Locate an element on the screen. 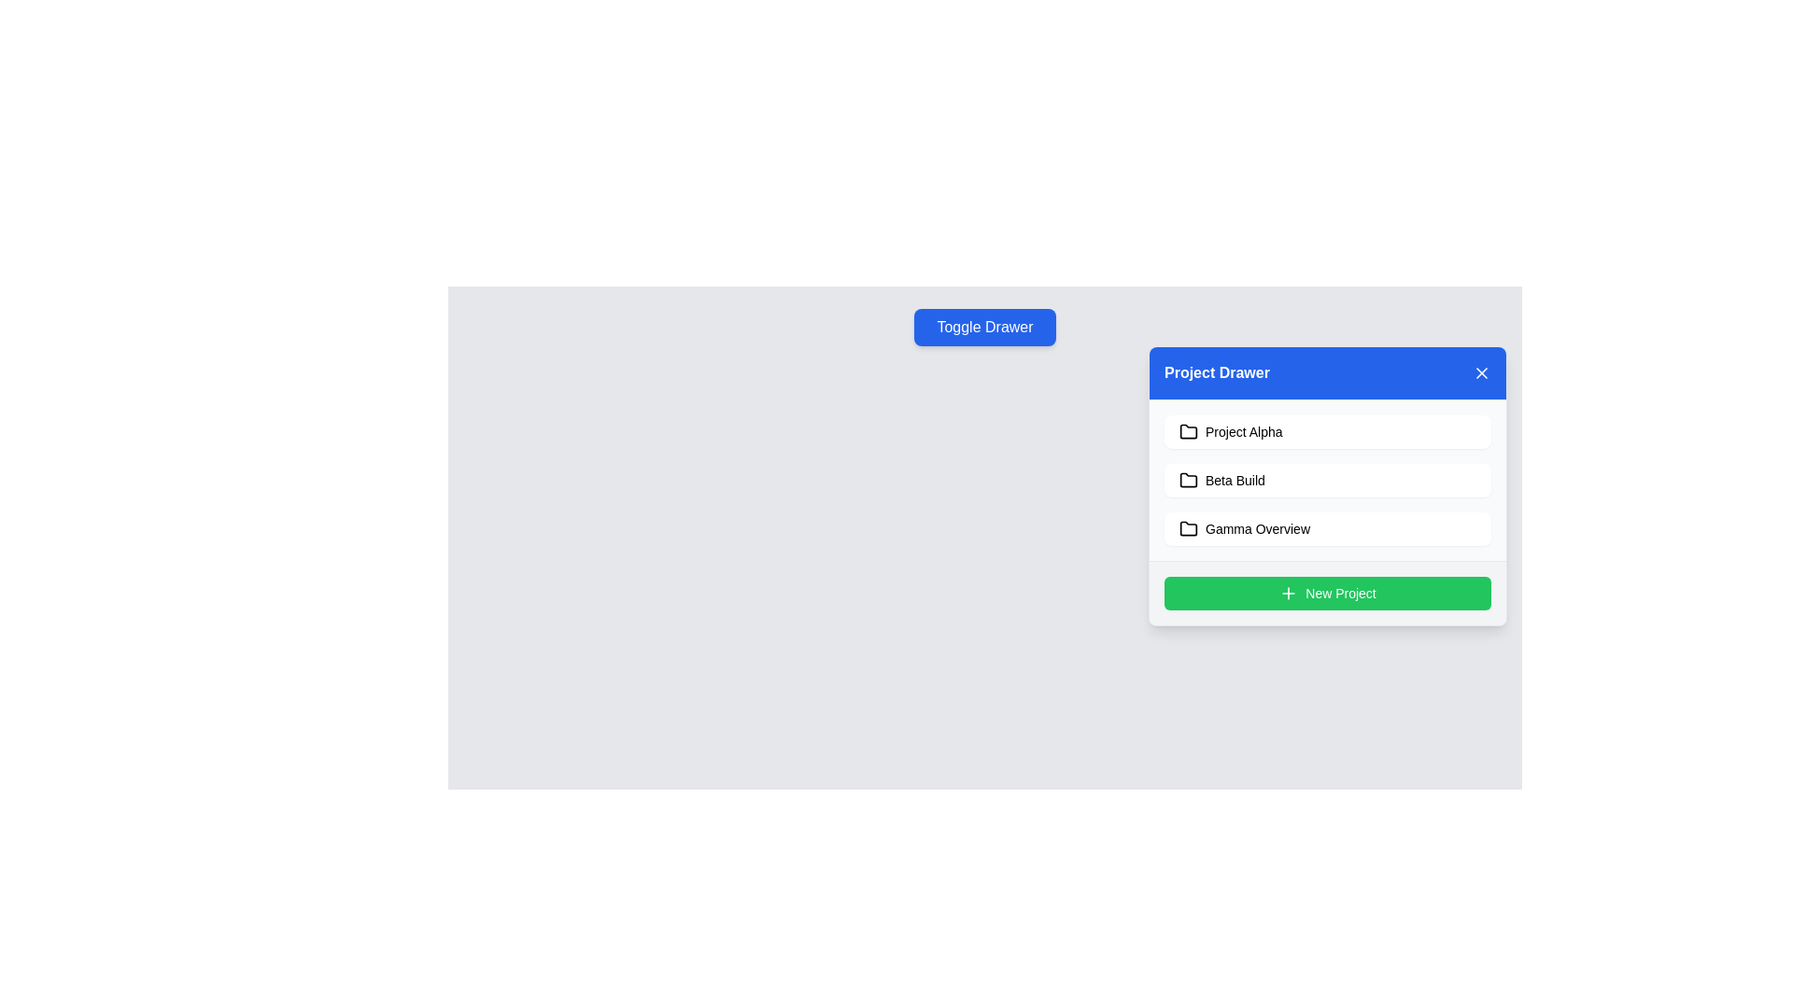 This screenshot has width=1793, height=1008. the small monochromatic folder icon located at the leftmost position within the 'Beta Build' row is located at coordinates (1187, 480).